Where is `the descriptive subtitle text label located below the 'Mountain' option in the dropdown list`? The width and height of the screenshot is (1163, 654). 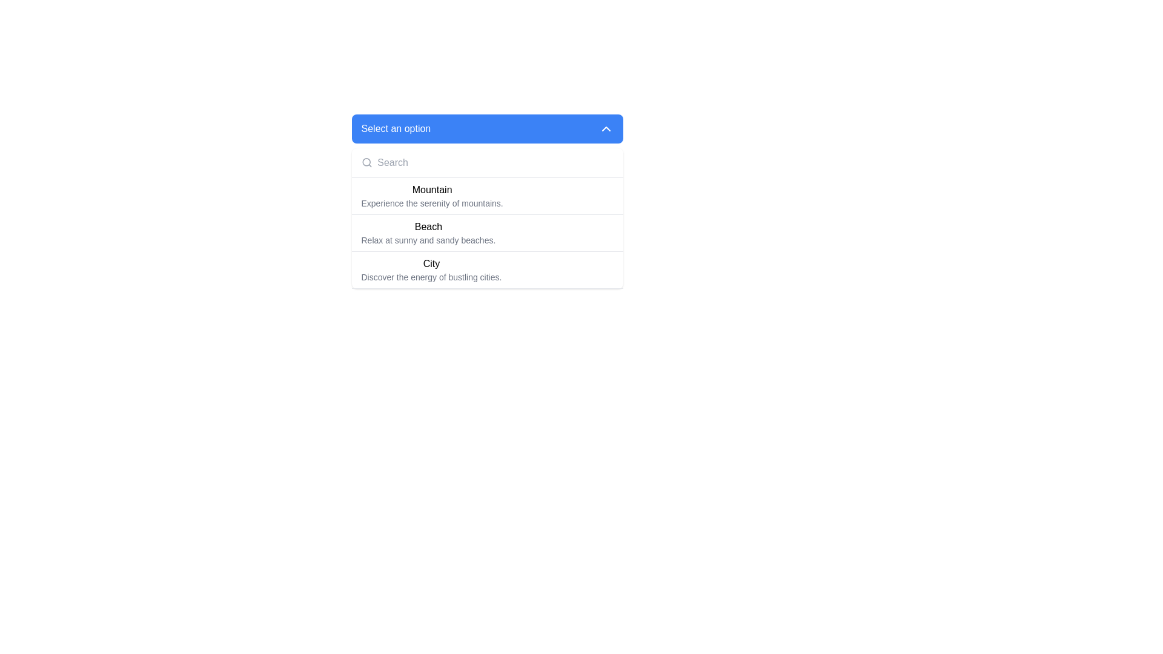
the descriptive subtitle text label located below the 'Mountain' option in the dropdown list is located at coordinates (432, 202).